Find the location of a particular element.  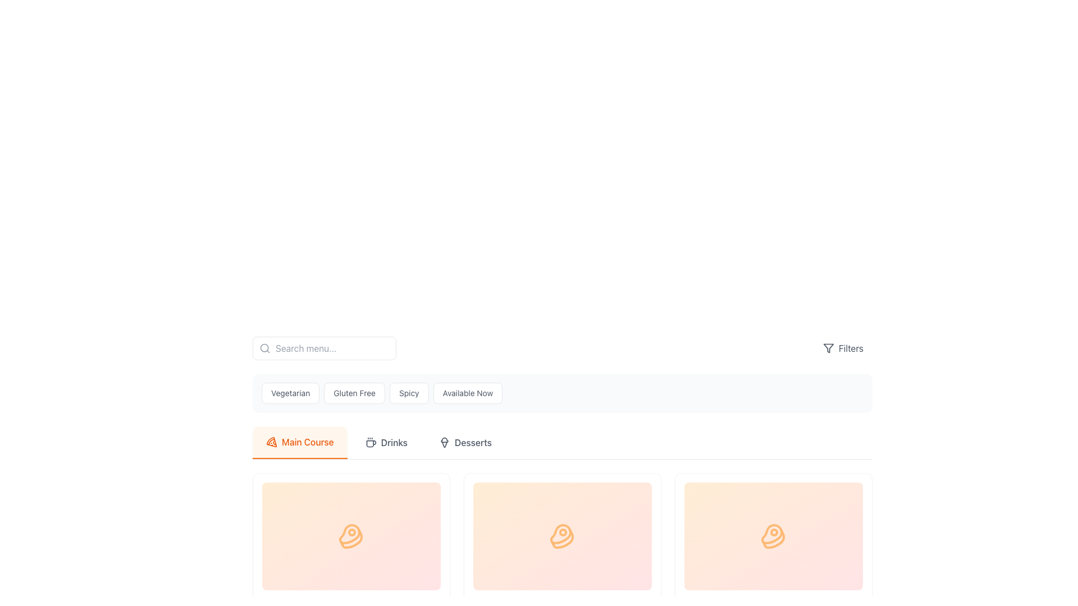

the 'Spicy' filter button located in the upper-middle part of the interface to change its appearance is located at coordinates (408, 393).